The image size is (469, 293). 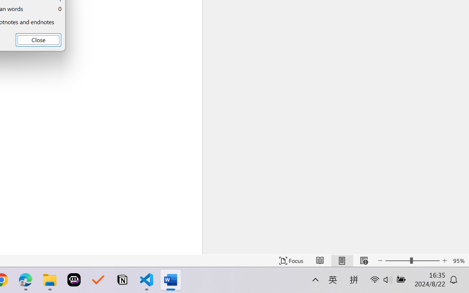 What do you see at coordinates (122, 280) in the screenshot?
I see `'Notion'` at bounding box center [122, 280].